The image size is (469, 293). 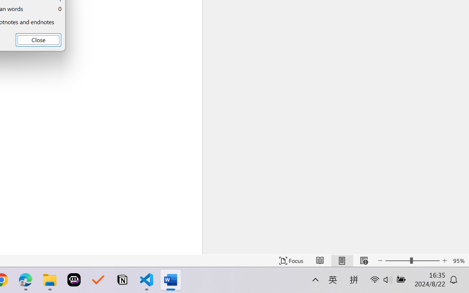 What do you see at coordinates (122, 280) in the screenshot?
I see `'Notion'` at bounding box center [122, 280].